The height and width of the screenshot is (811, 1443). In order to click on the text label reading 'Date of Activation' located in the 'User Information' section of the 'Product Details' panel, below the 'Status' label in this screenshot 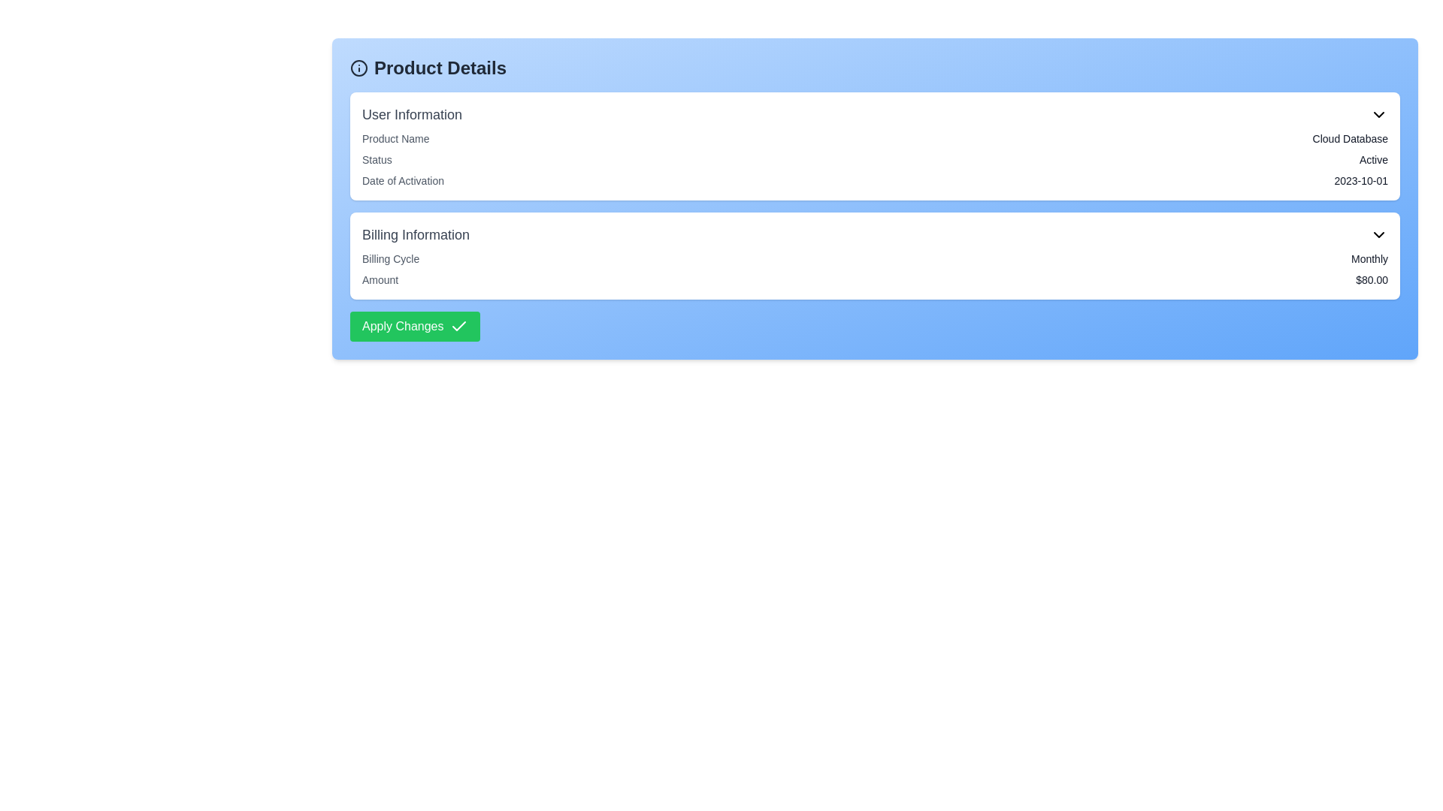, I will do `click(403, 179)`.